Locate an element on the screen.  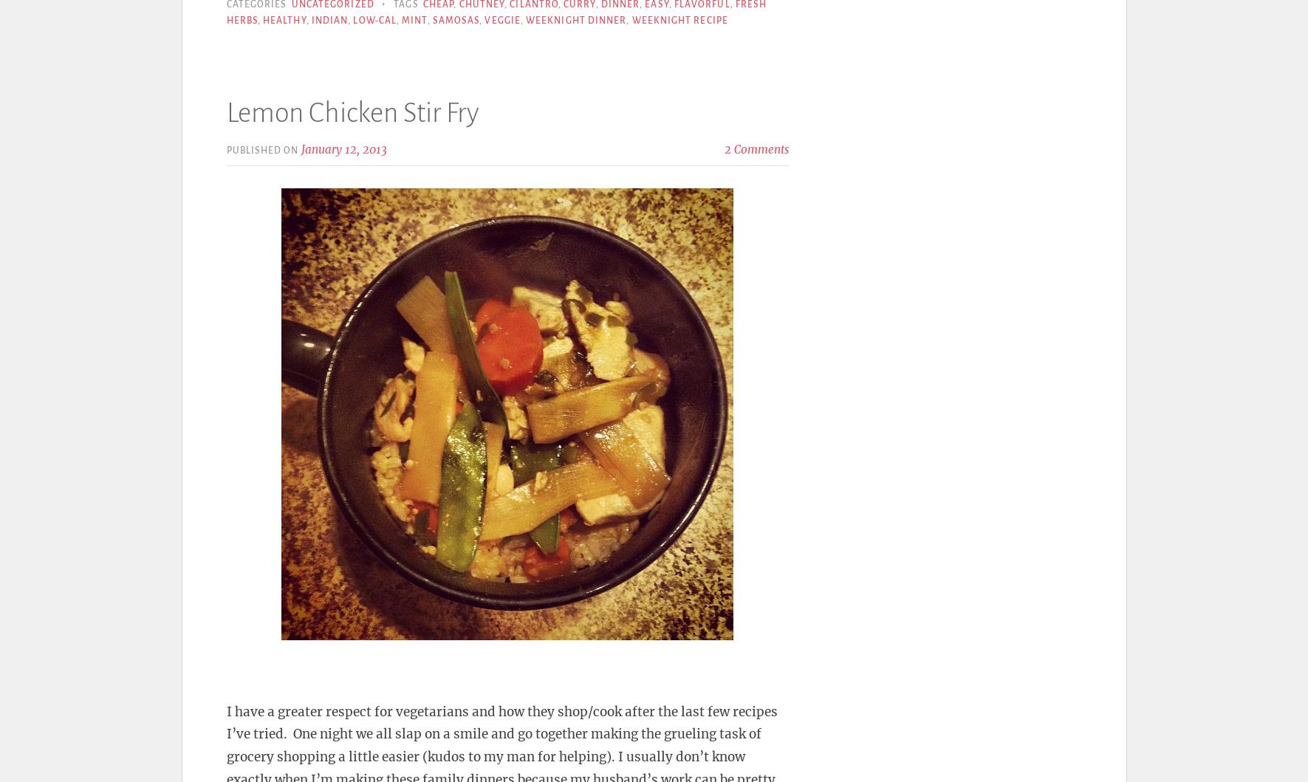
'January 12, 2013' is located at coordinates (300, 148).